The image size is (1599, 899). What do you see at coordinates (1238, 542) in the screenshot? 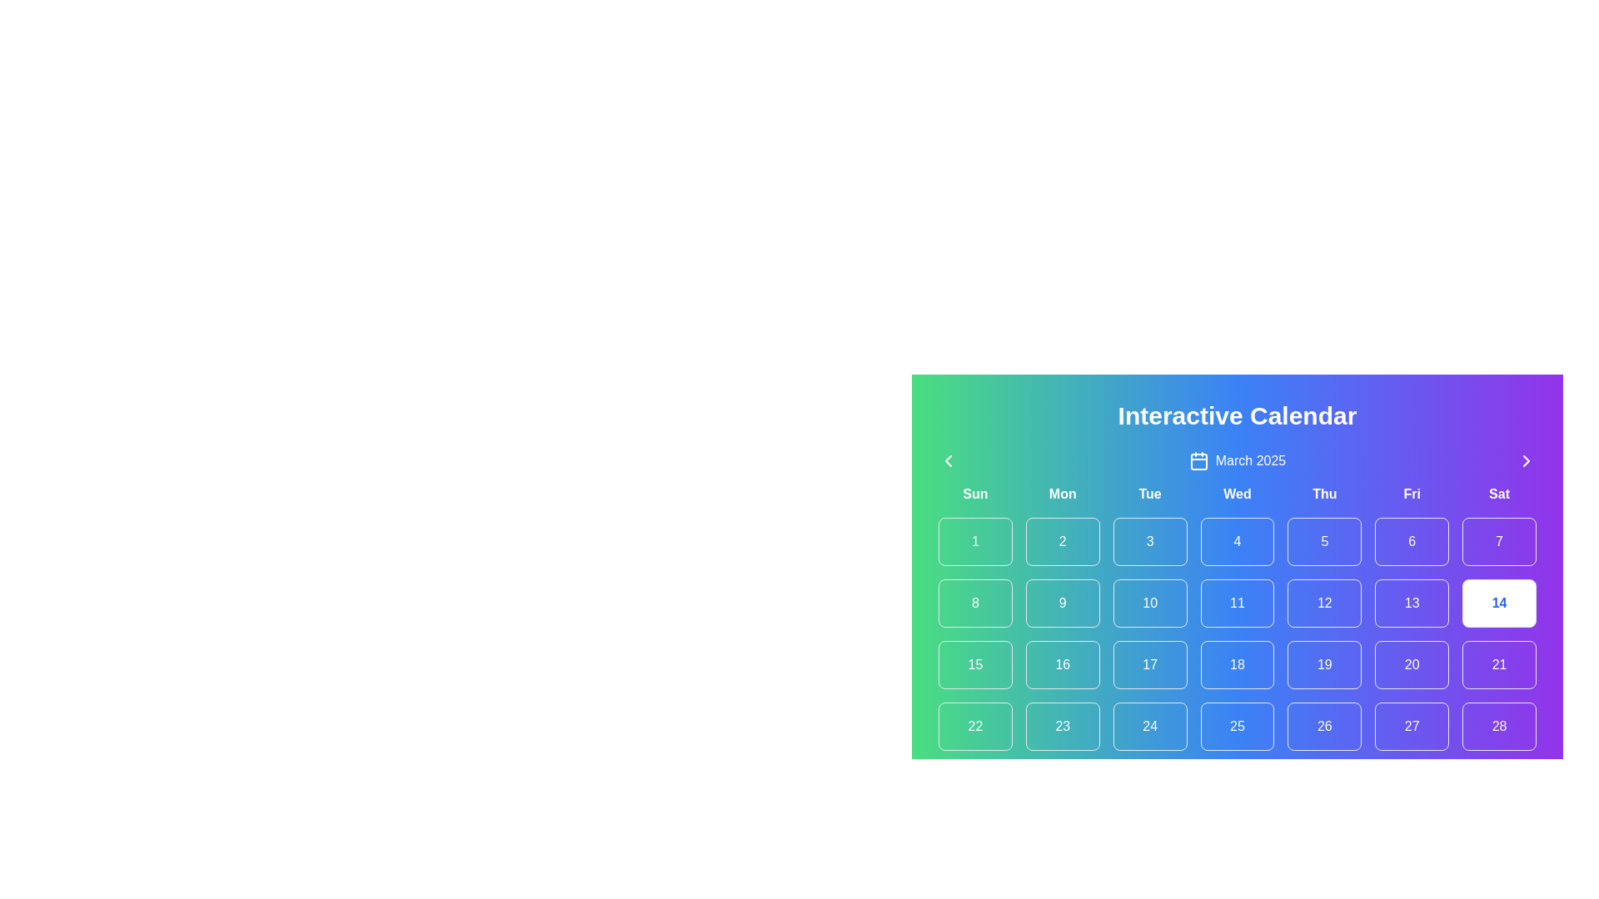
I see `the Calendar Date Button representing the day '4' of the displayed calendar month, which is the fourth button in the first row of date buttons beneath the day label 'Wed'` at bounding box center [1238, 542].